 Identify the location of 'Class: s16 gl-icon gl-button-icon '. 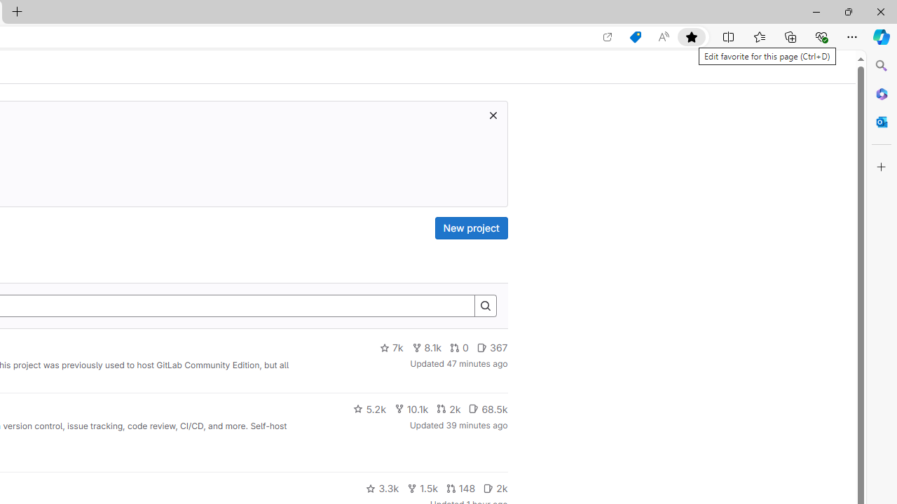
(493, 114).